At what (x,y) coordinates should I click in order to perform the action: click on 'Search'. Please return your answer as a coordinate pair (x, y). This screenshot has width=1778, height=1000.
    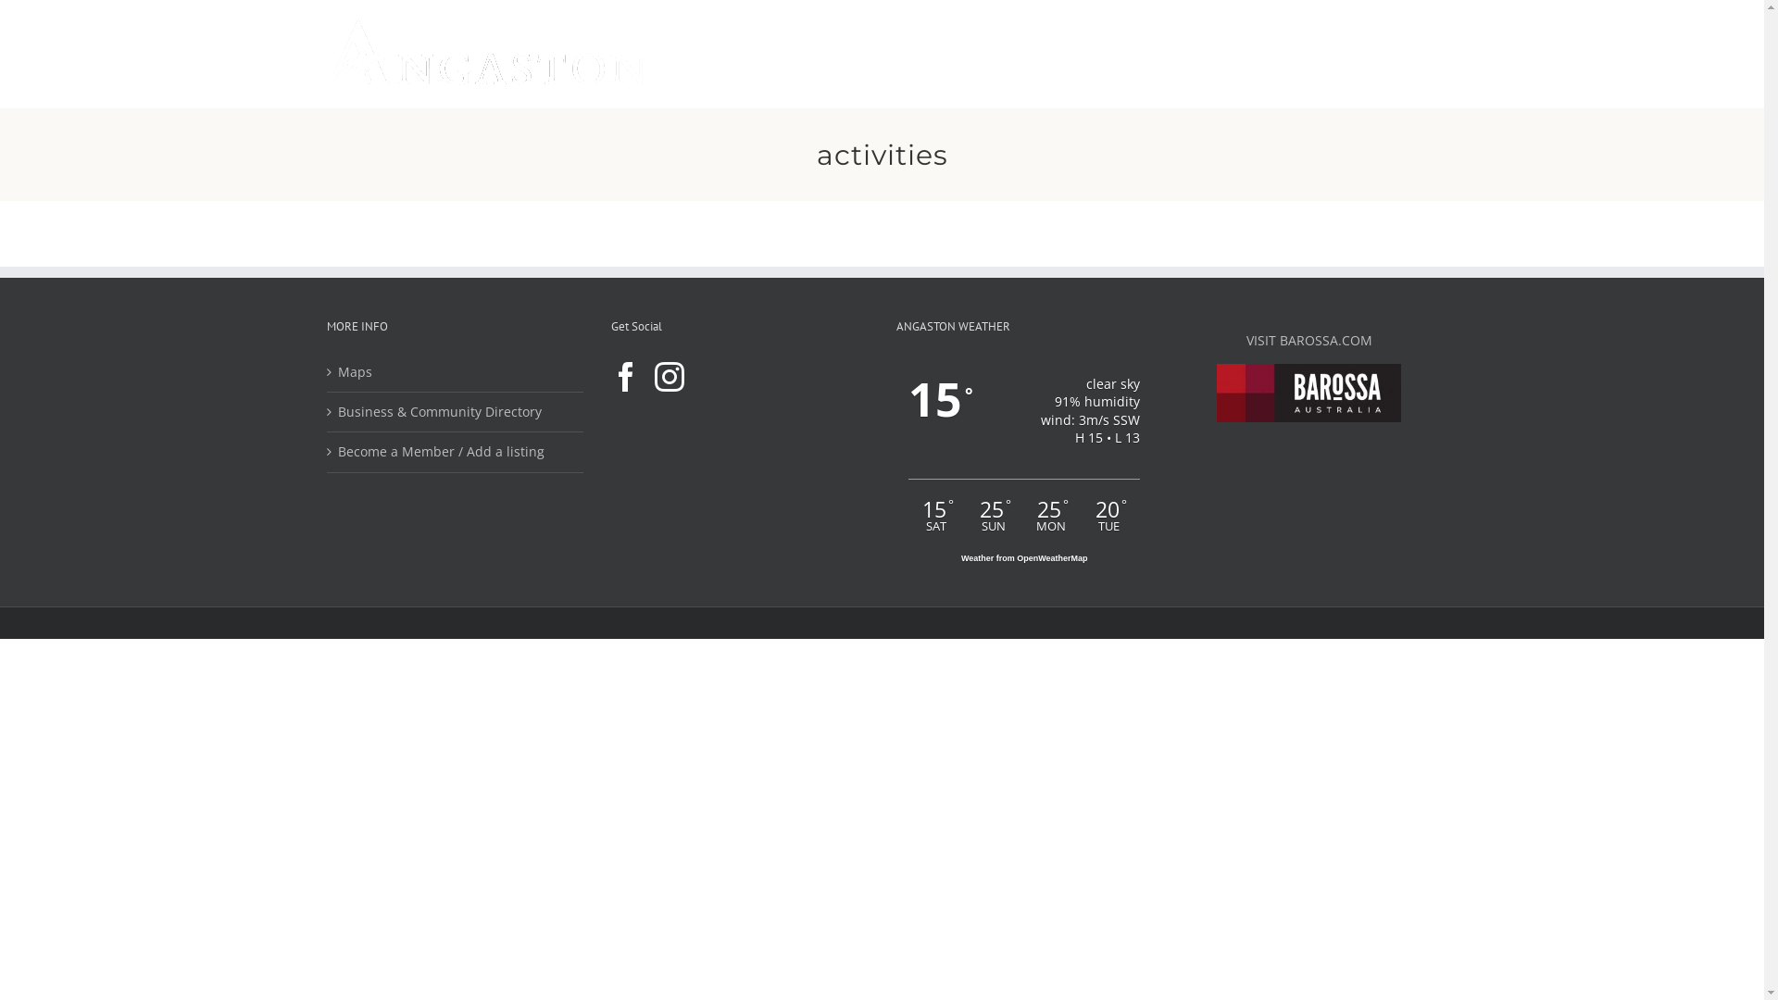
    Looking at the image, I should click on (1406, 53).